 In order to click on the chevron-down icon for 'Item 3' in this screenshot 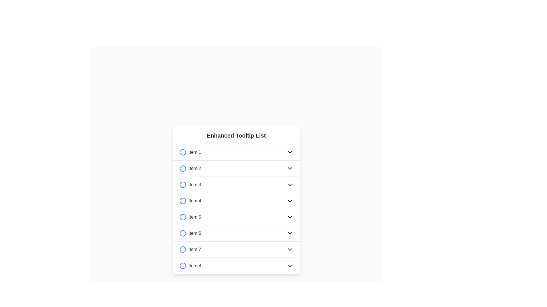, I will do `click(290, 185)`.